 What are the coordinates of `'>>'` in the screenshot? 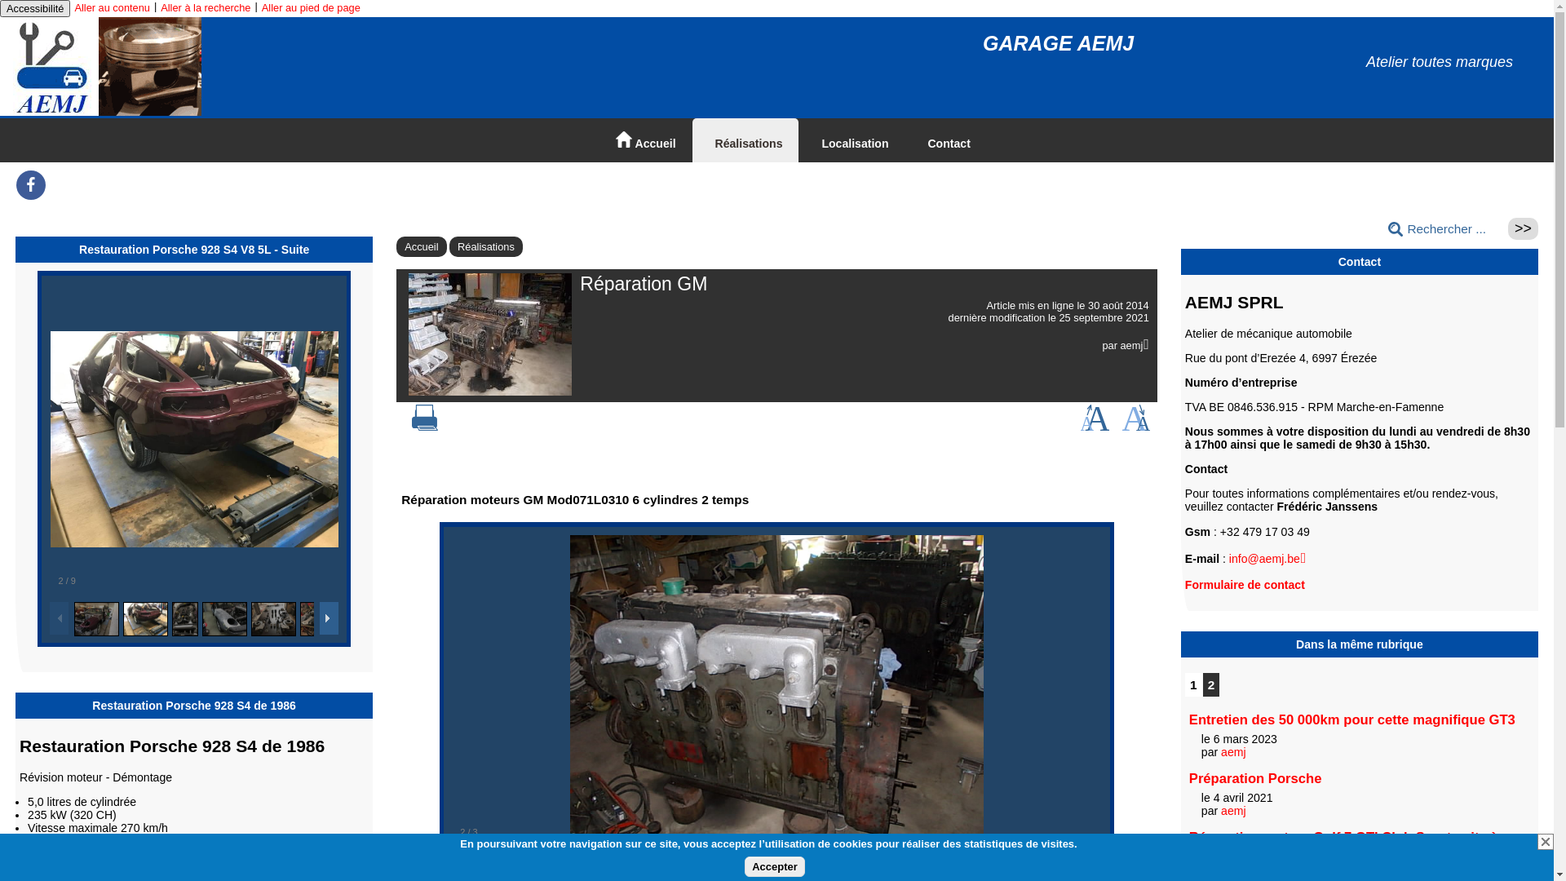 It's located at (1522, 228).